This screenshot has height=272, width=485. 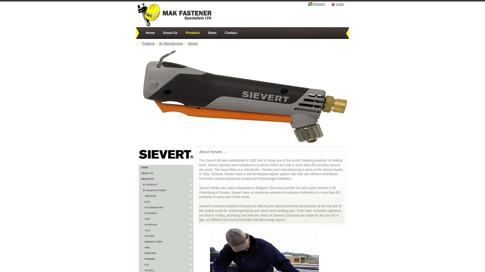 What do you see at coordinates (147, 230) in the screenshot?
I see `'JUAL'` at bounding box center [147, 230].